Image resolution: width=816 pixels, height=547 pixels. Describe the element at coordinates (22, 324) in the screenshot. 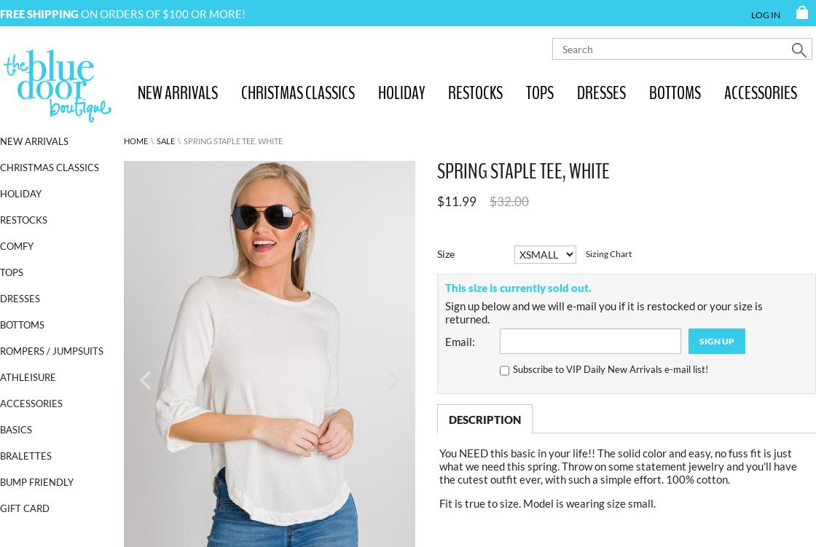

I see `'Bottoms'` at that location.